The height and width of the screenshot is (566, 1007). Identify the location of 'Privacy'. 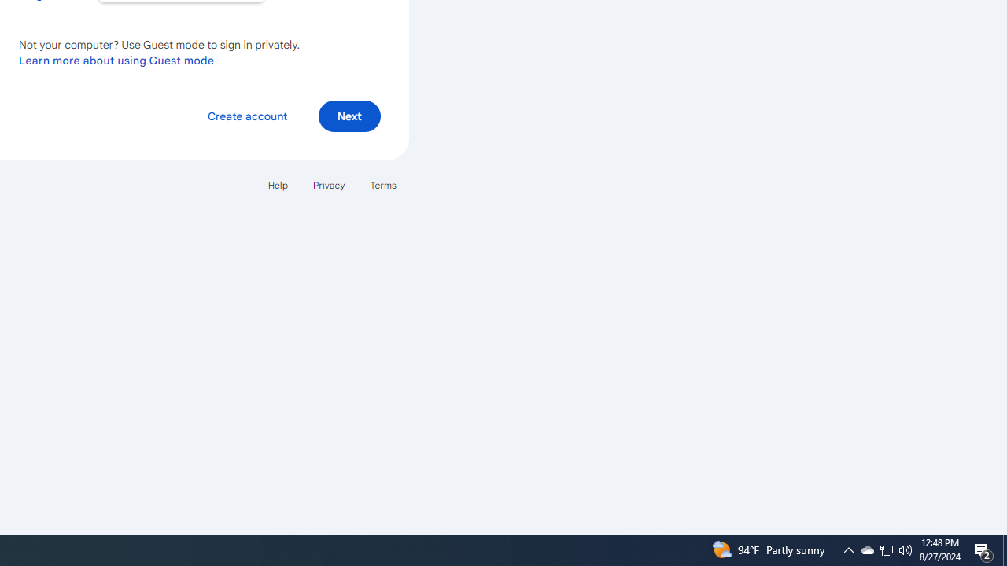
(327, 184).